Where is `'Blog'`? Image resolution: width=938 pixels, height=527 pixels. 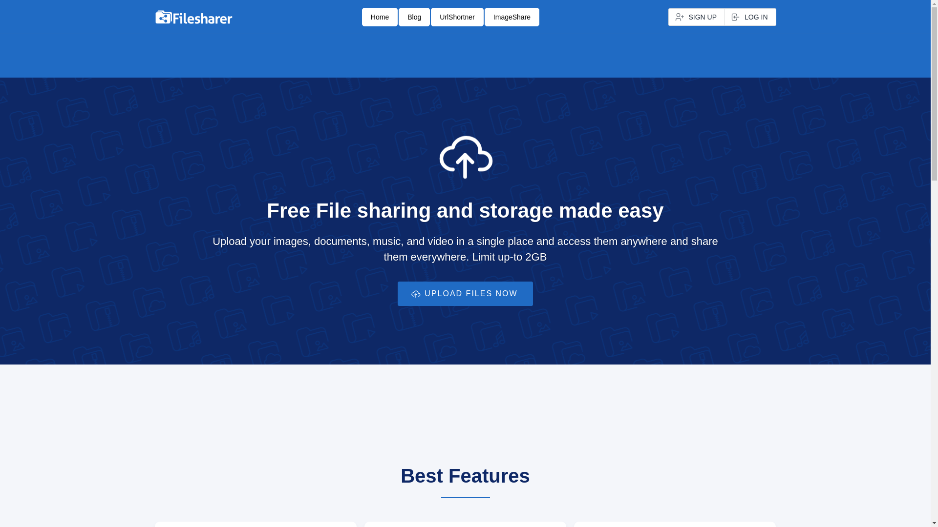
'Blog' is located at coordinates (414, 17).